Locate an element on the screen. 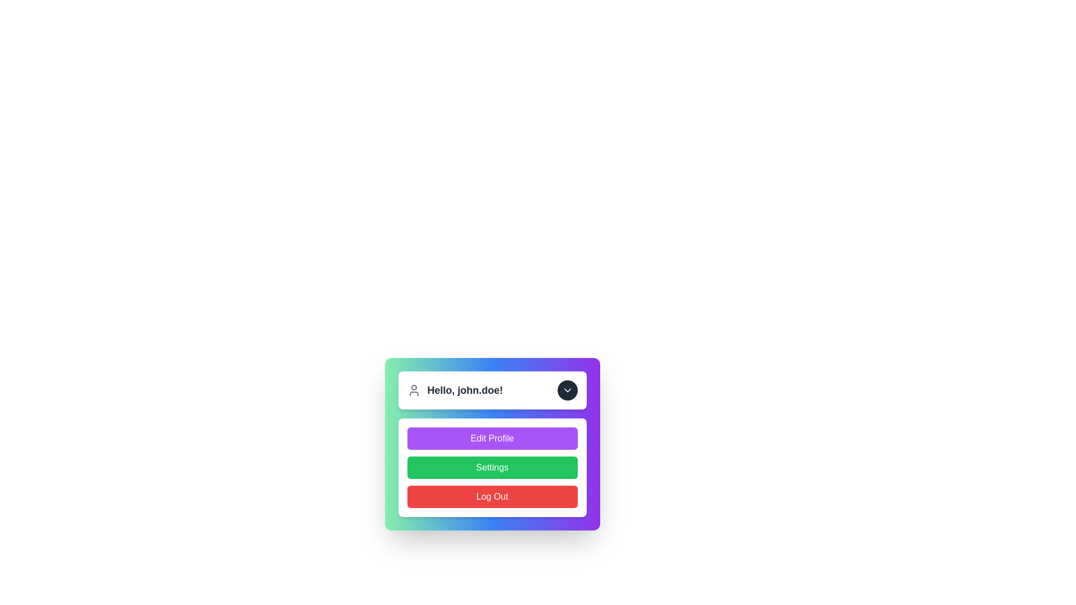  the 'Edit Profile' button, which is a rectangular button with a purple background and white text, located at the top of the button stack is located at coordinates (492, 438).